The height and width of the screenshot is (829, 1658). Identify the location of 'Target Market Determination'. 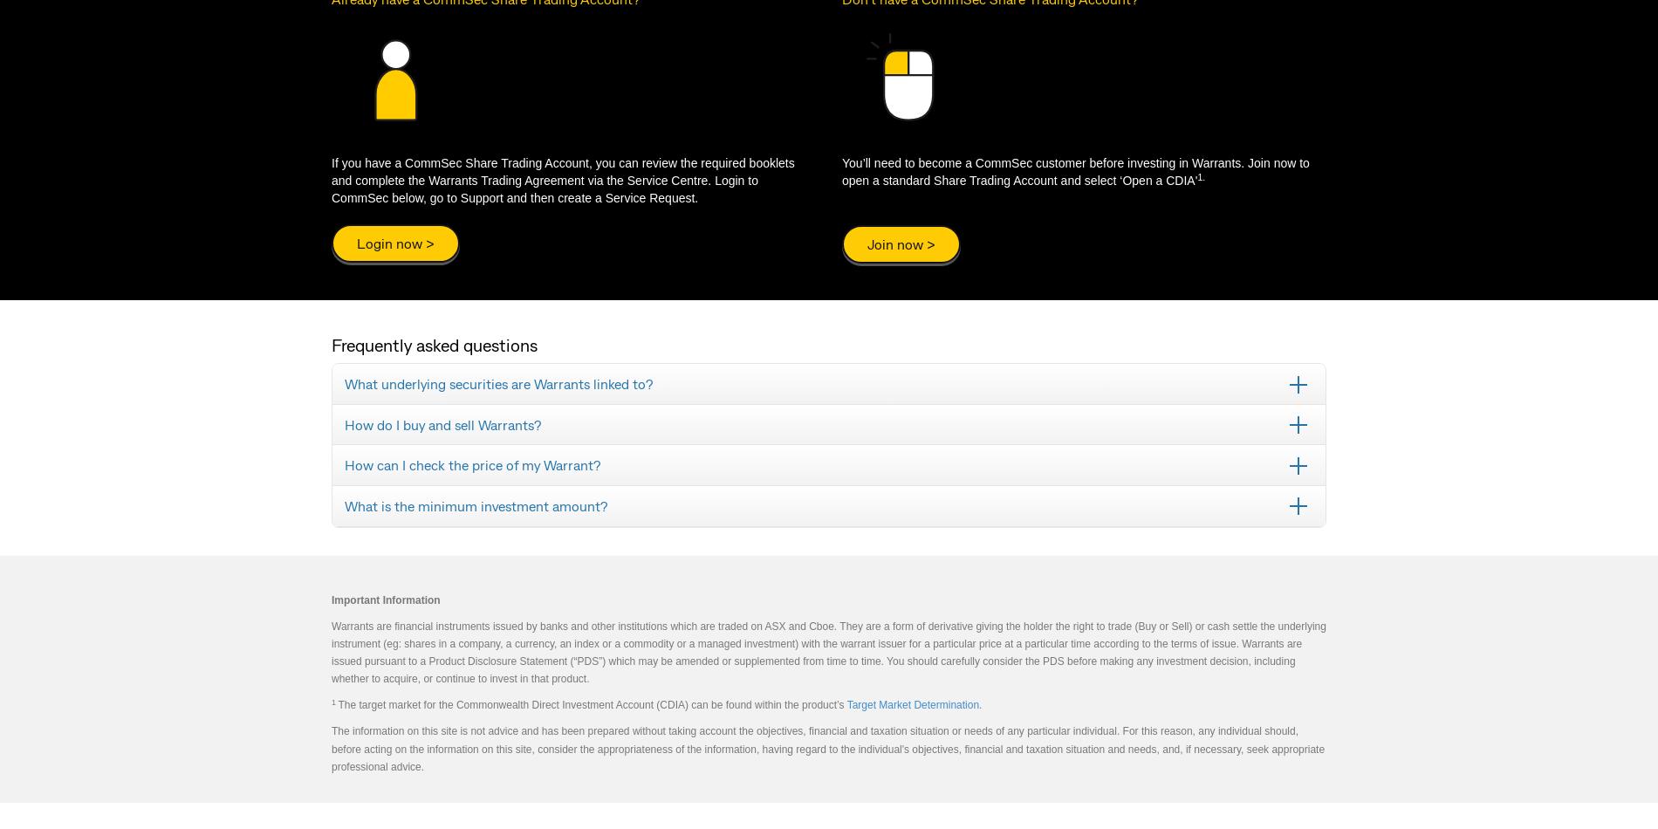
(846, 703).